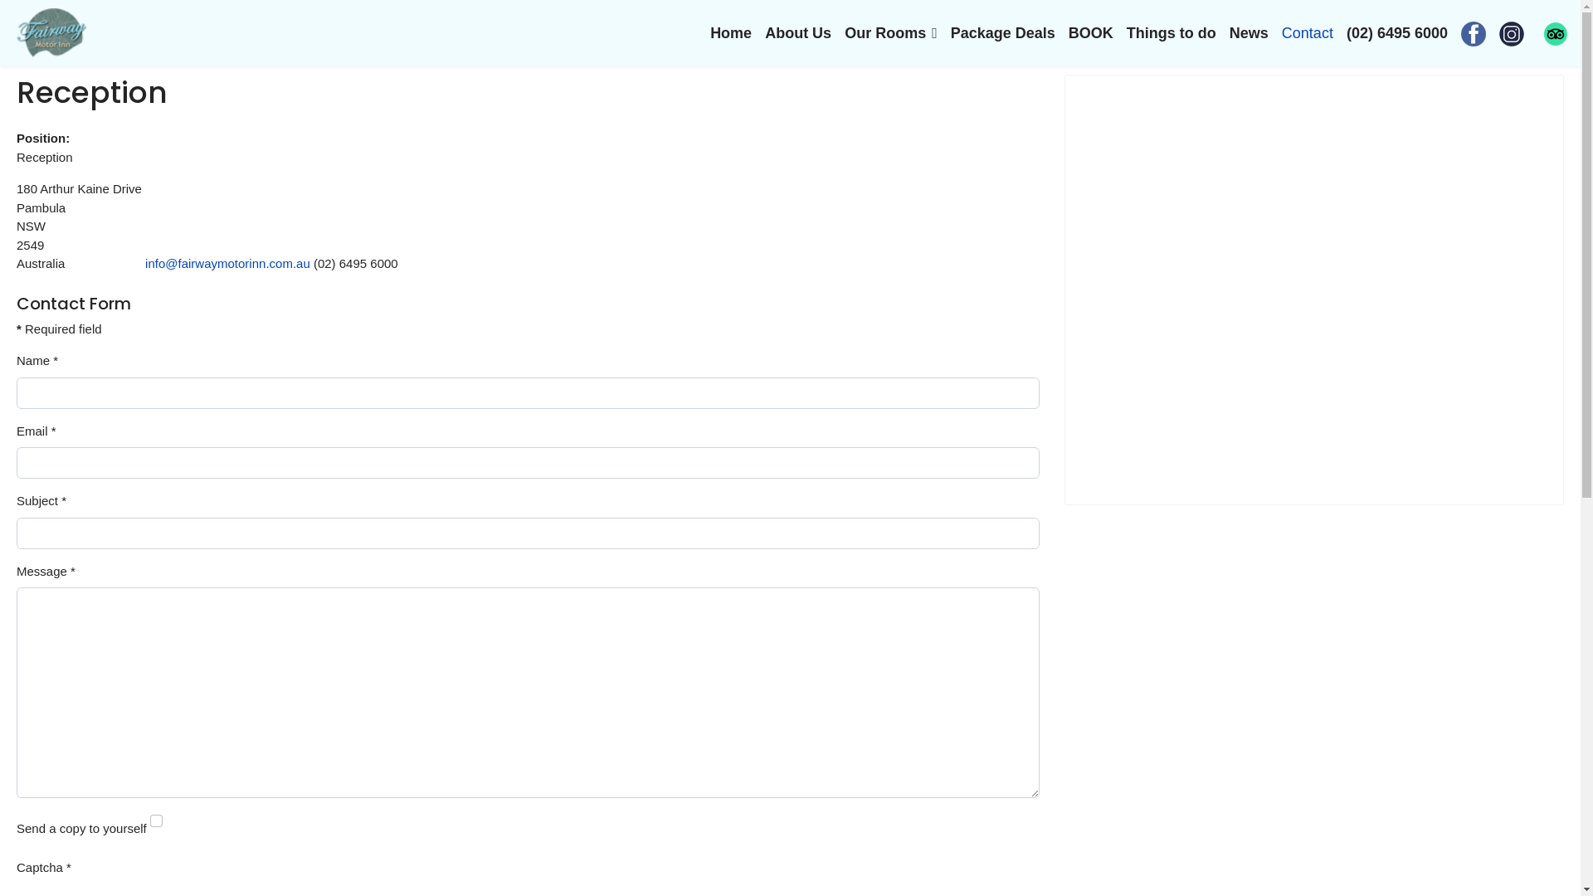  I want to click on 'Contact', so click(1306, 32).